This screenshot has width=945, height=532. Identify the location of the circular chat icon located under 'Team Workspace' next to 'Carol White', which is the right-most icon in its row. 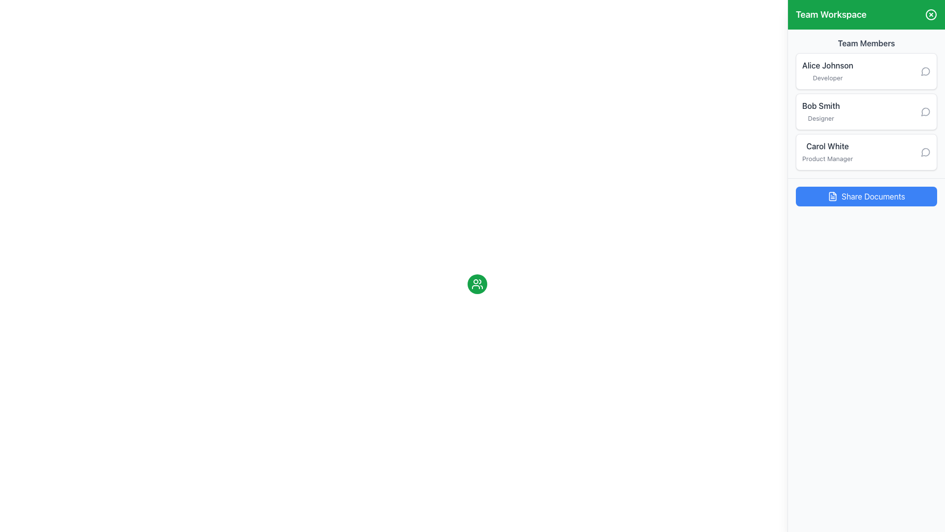
(925, 152).